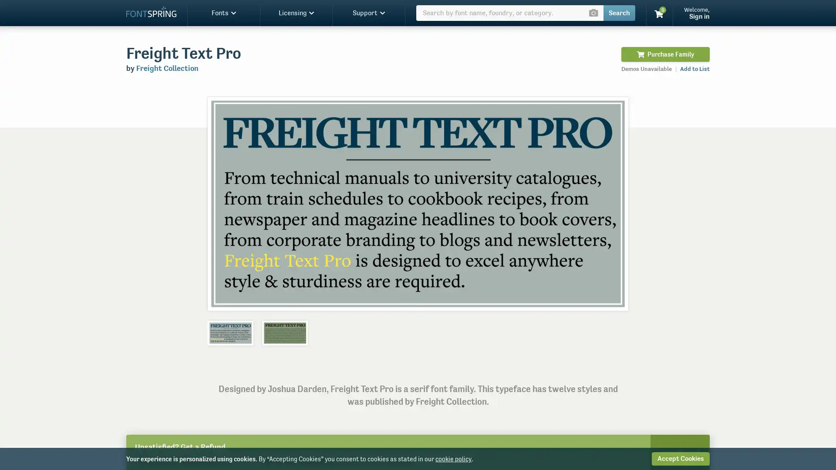  What do you see at coordinates (694, 68) in the screenshot?
I see `Add to List` at bounding box center [694, 68].